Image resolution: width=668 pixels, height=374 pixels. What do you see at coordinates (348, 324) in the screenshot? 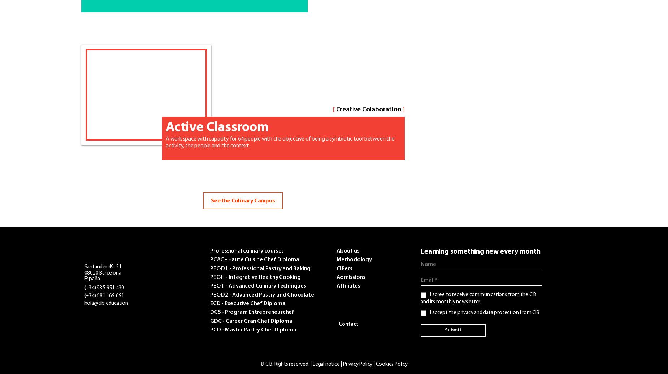
I see `'Contact'` at bounding box center [348, 324].